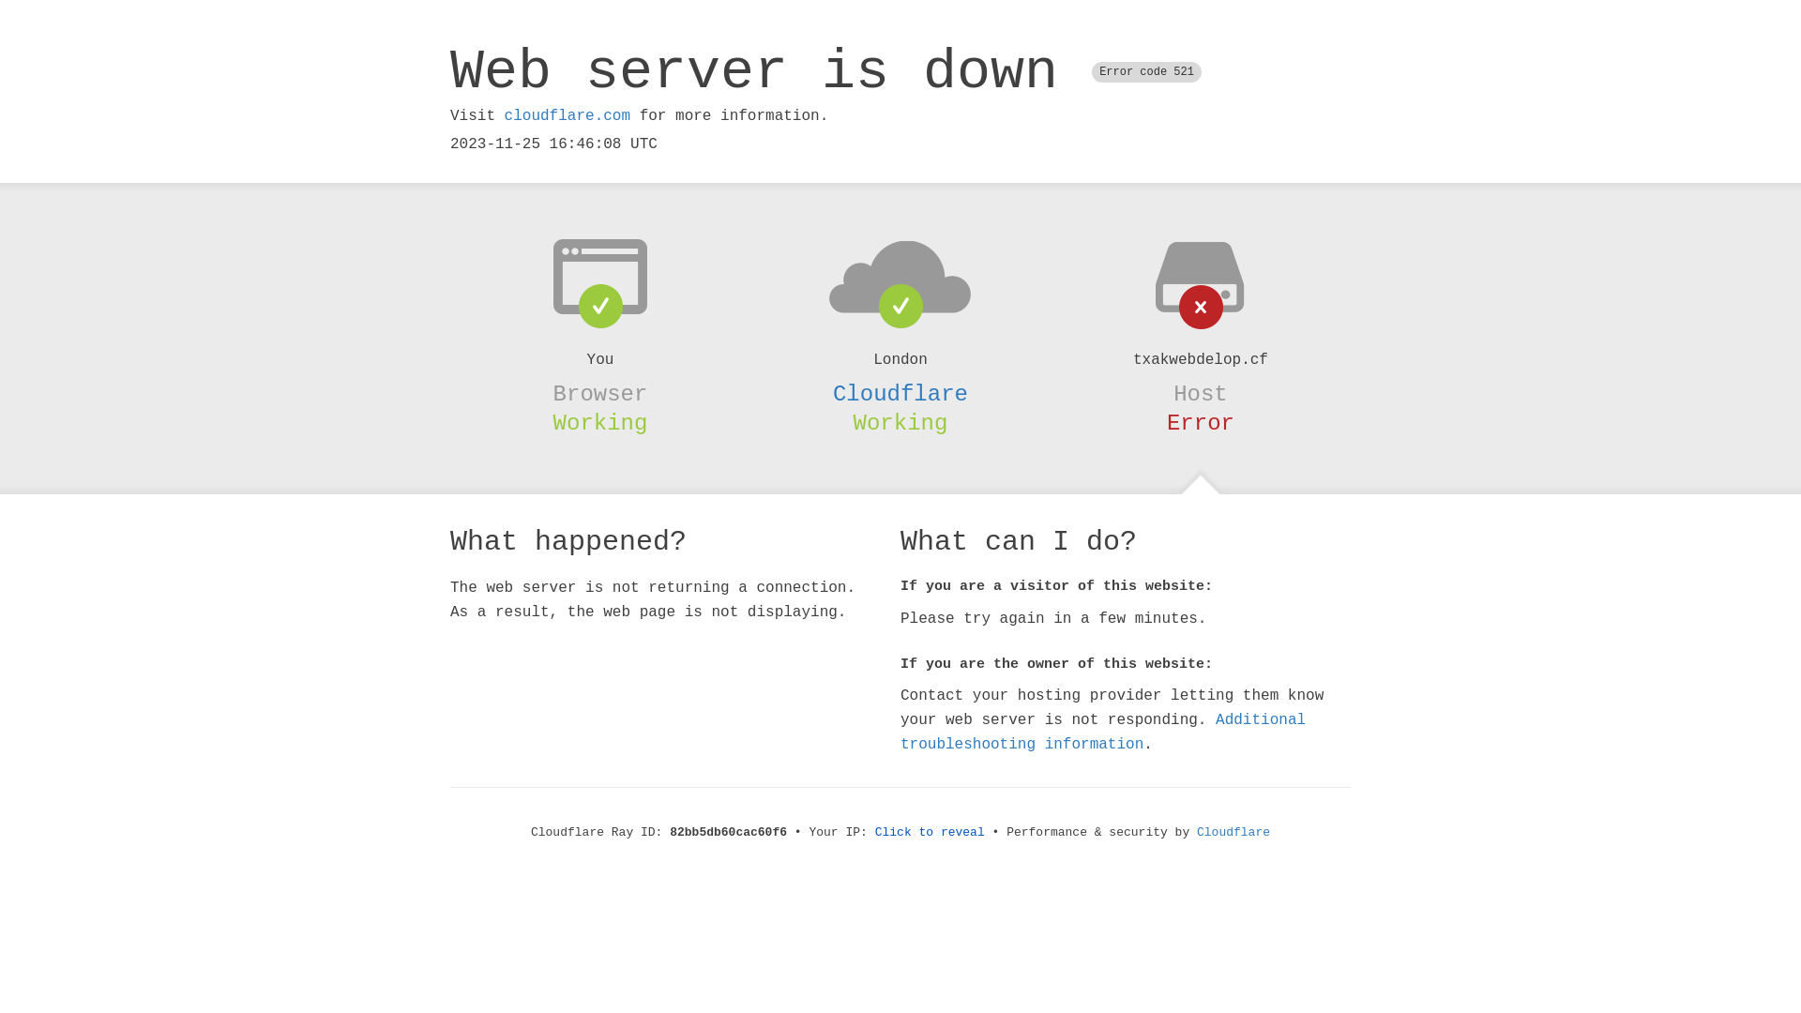  What do you see at coordinates (1233, 831) in the screenshot?
I see `'Cloudflare'` at bounding box center [1233, 831].